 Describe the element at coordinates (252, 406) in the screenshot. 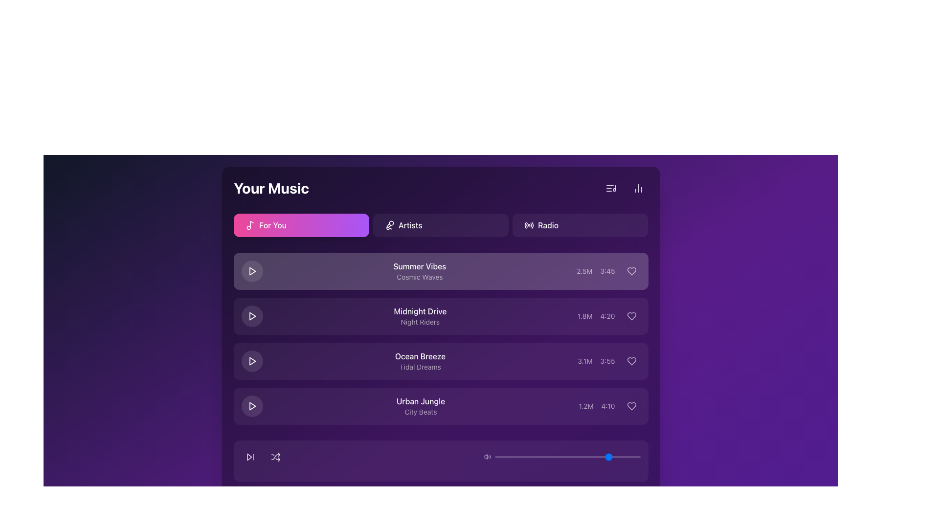

I see `the rightward-pointing play icon for the 'Urban Jungle' song` at that location.